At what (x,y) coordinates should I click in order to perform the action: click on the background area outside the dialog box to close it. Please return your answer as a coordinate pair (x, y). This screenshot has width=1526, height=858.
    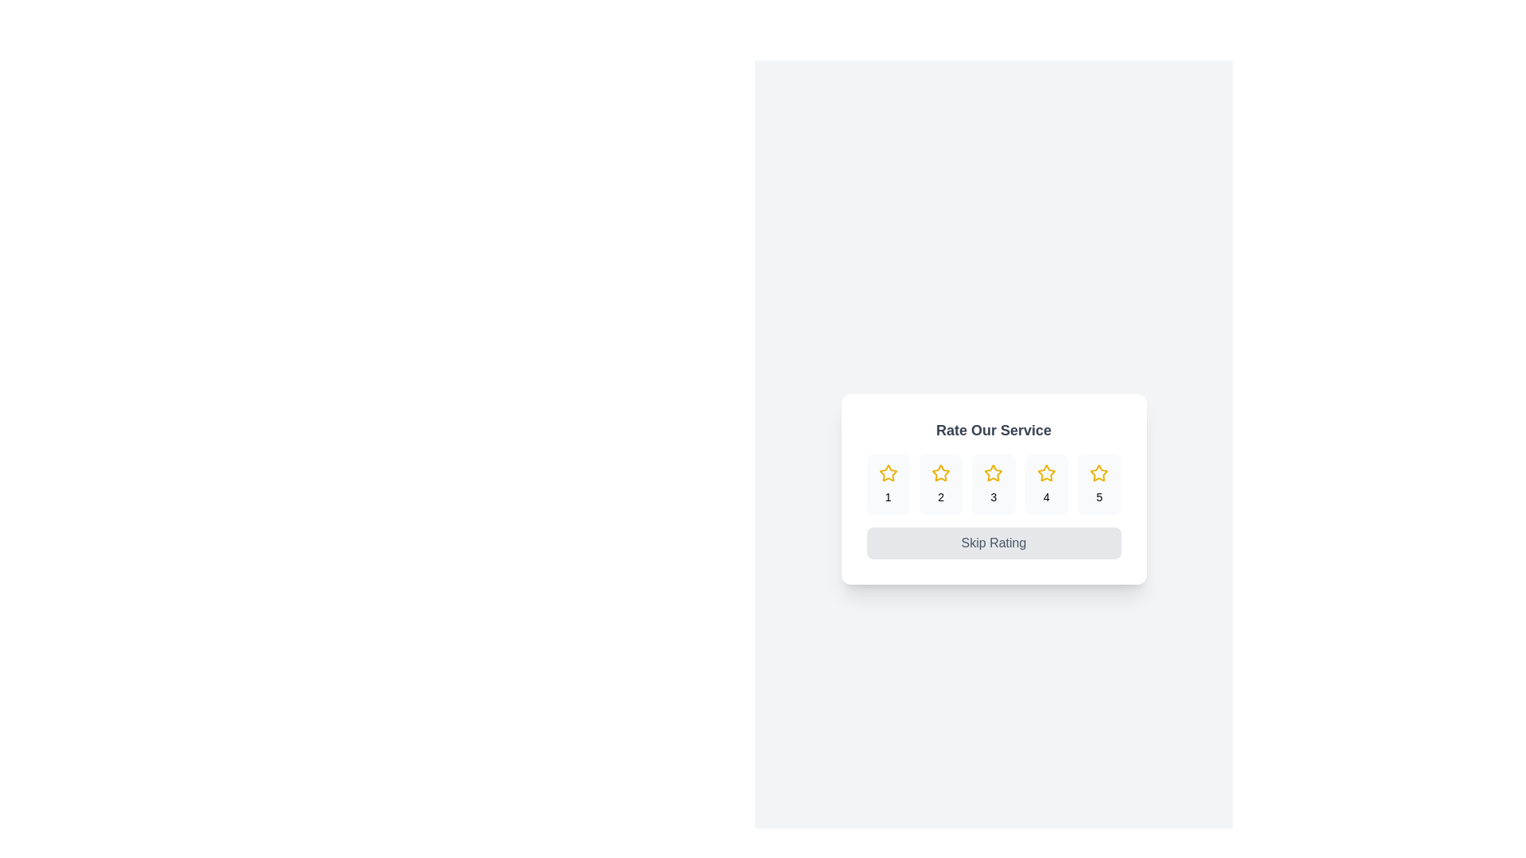
    Looking at the image, I should click on (636, 79).